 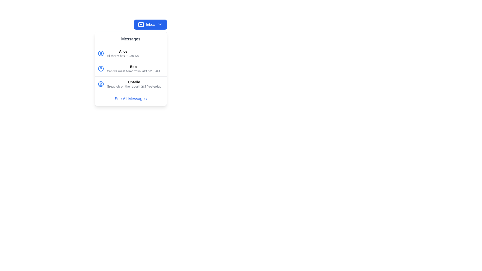 I want to click on the second message preview item in the list, which displays the sender's name, message snippet, and time, so click(x=133, y=69).